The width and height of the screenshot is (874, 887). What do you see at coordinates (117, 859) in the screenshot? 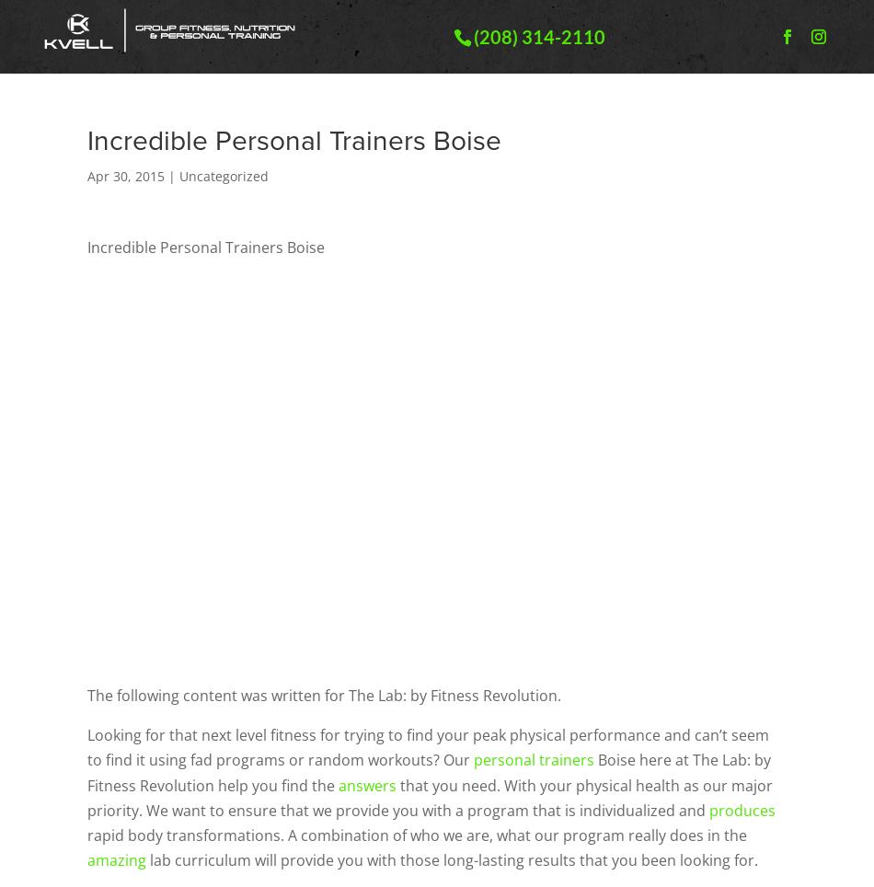
I see `'amazing'` at bounding box center [117, 859].